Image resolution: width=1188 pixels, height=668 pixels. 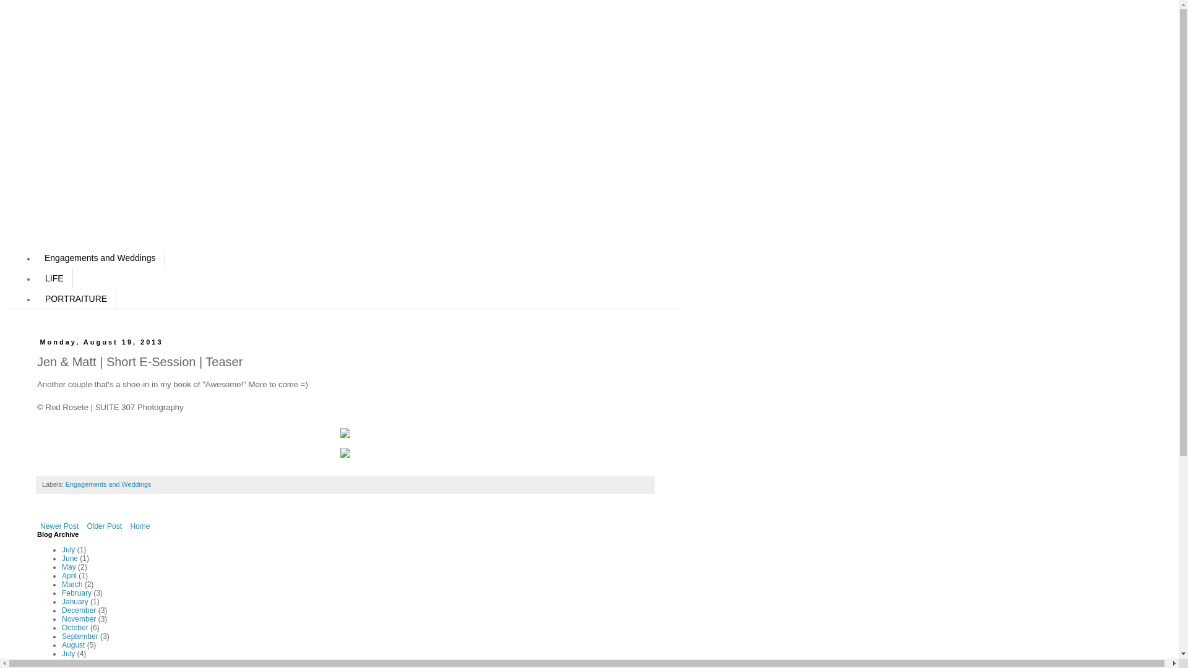 I want to click on 'Engagements and Weddings', so click(x=35, y=257).